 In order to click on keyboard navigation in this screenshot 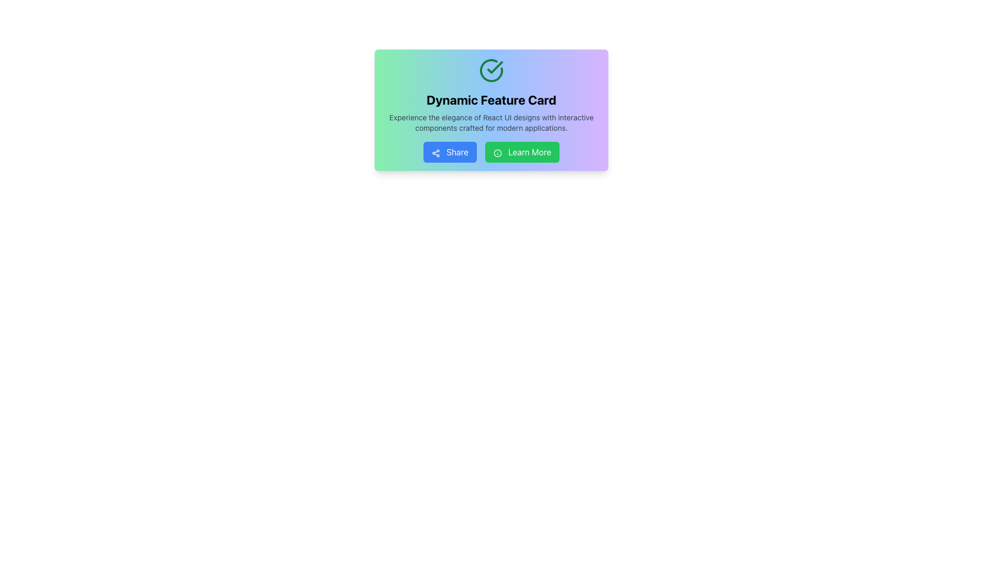, I will do `click(491, 152)`.